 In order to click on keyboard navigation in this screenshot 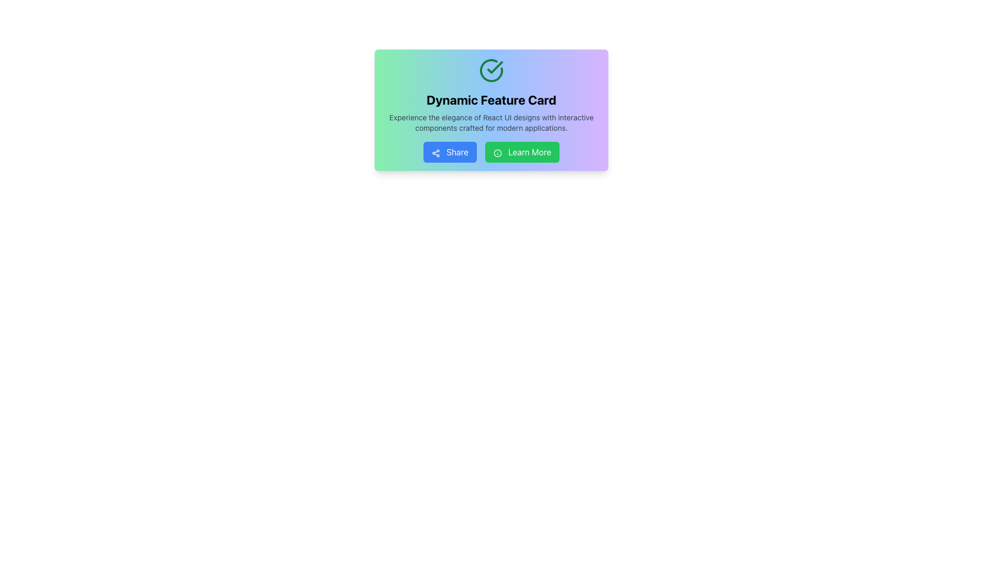, I will do `click(491, 152)`.